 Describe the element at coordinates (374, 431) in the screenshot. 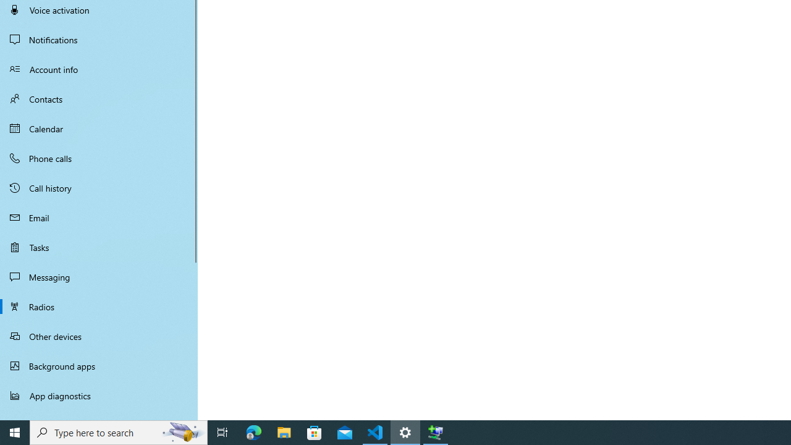

I see `'Visual Studio Code - 1 running window'` at that location.